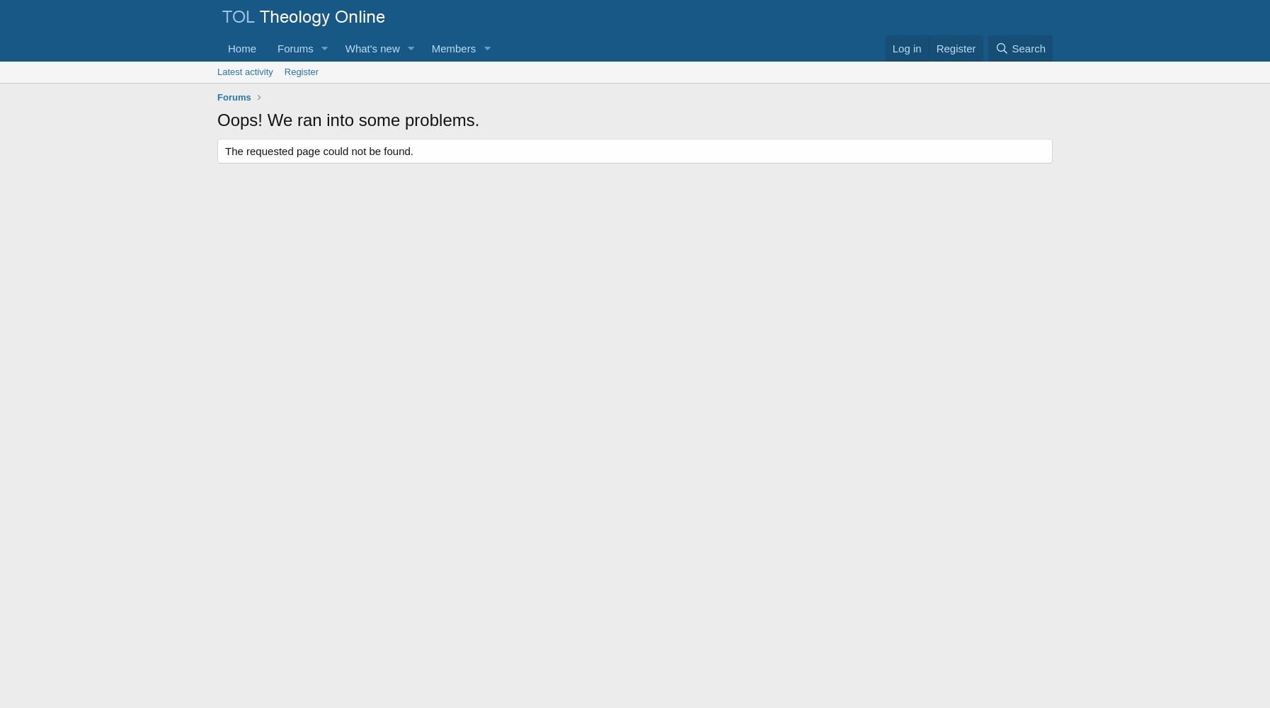 The width and height of the screenshot is (1270, 708). What do you see at coordinates (372, 47) in the screenshot?
I see `'What's new'` at bounding box center [372, 47].